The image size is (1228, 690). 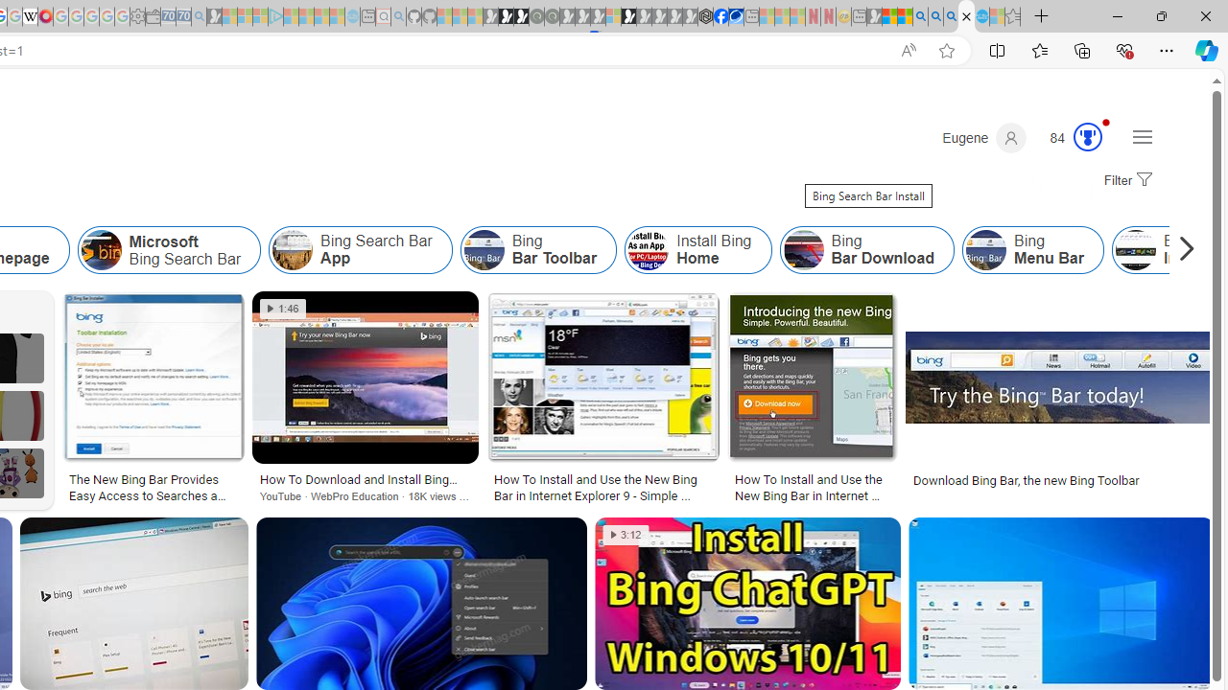 I want to click on 'AutomationID: serp_medal_svg', so click(x=1087, y=135).